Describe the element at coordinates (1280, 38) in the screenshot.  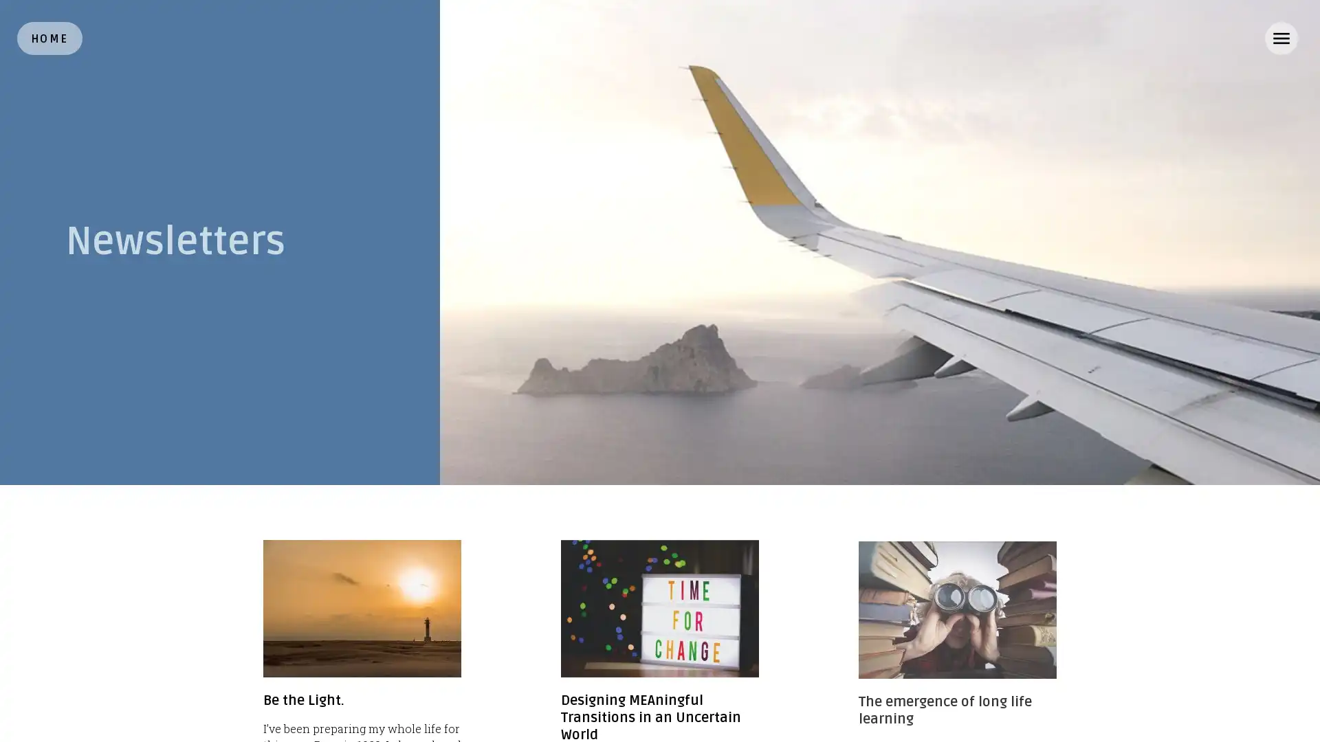
I see `MENU CLOSE` at that location.